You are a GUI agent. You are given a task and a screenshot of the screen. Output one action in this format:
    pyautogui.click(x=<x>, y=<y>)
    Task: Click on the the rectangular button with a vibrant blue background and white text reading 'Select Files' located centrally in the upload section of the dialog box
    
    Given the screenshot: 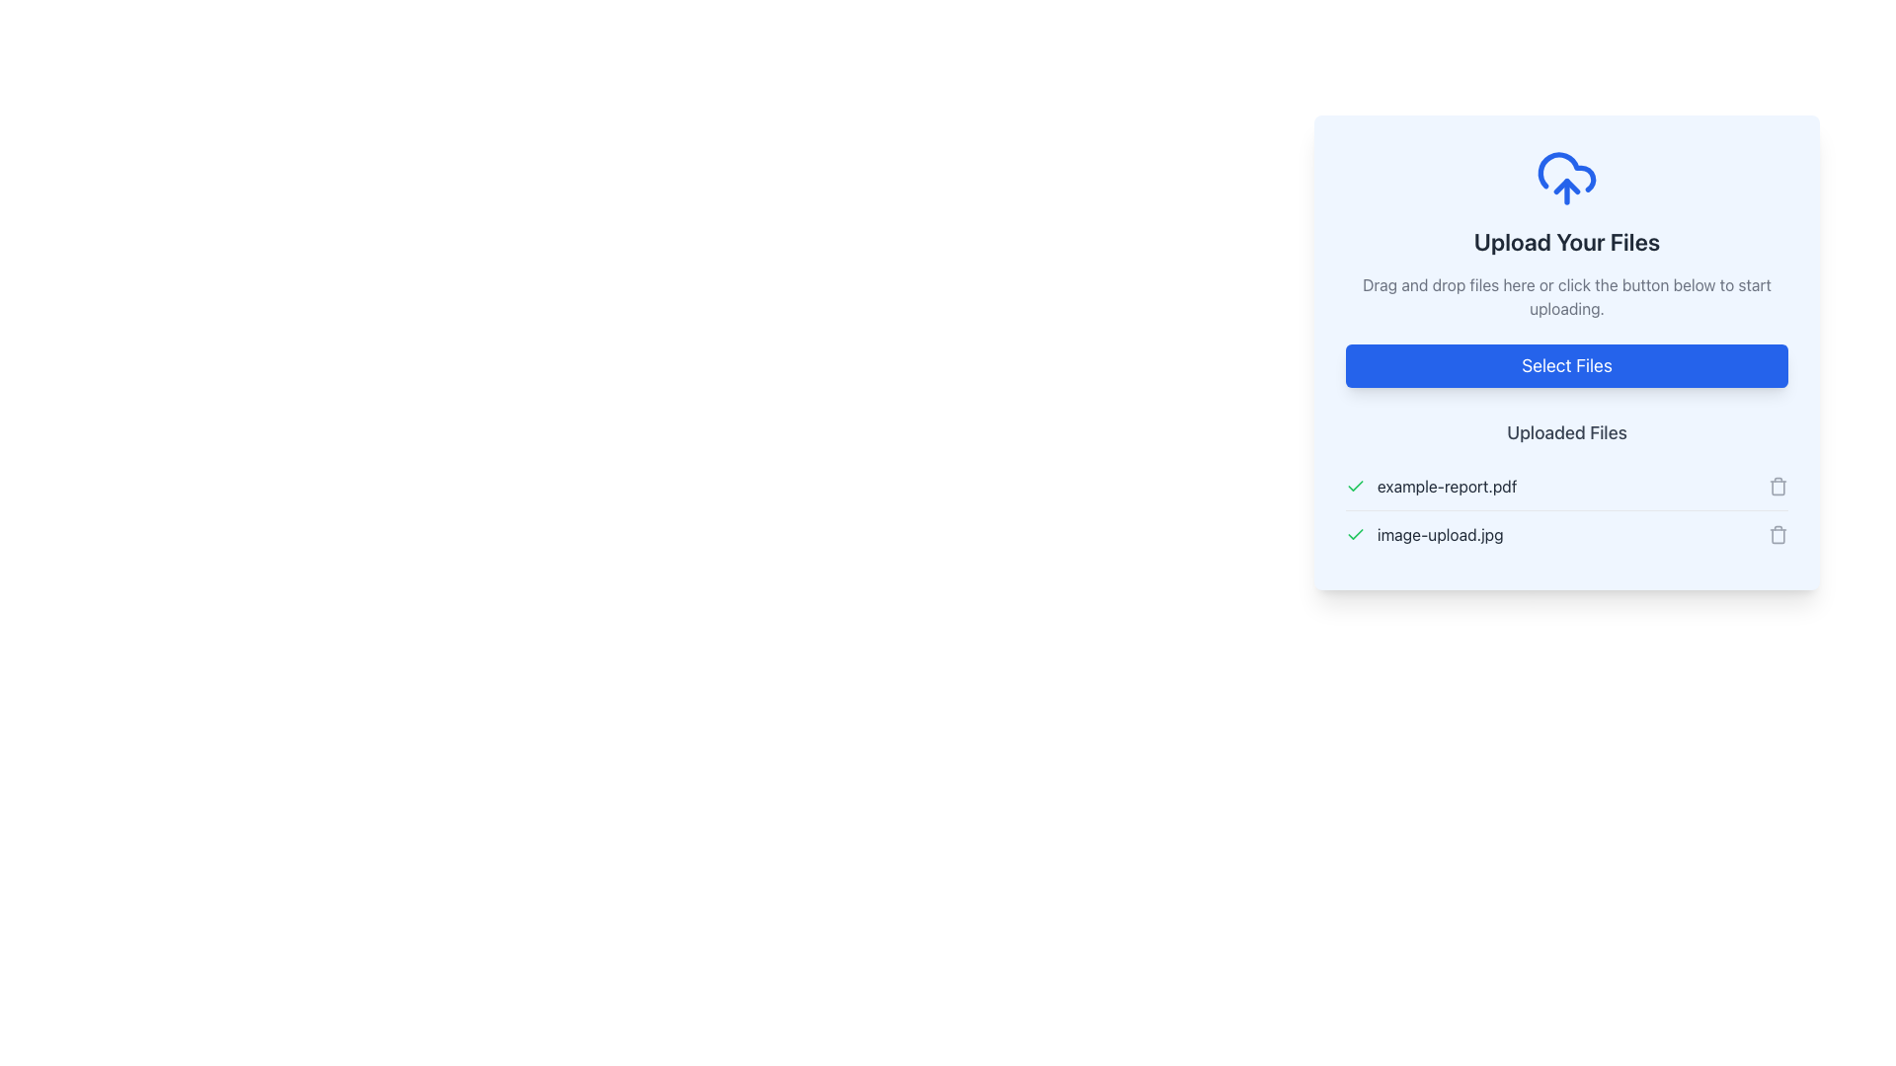 What is the action you would take?
    pyautogui.click(x=1566, y=365)
    